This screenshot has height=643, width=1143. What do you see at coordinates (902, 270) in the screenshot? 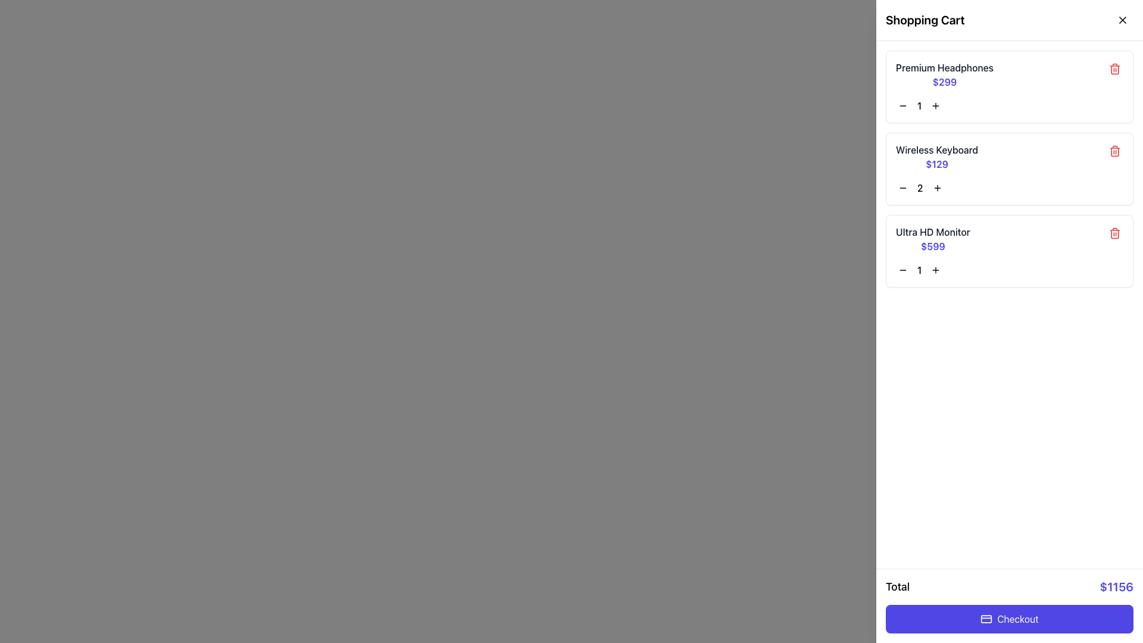
I see `the circular minus button for quantity adjustment of the 'Ultra HD Monitor' in the shopping cart` at bounding box center [902, 270].